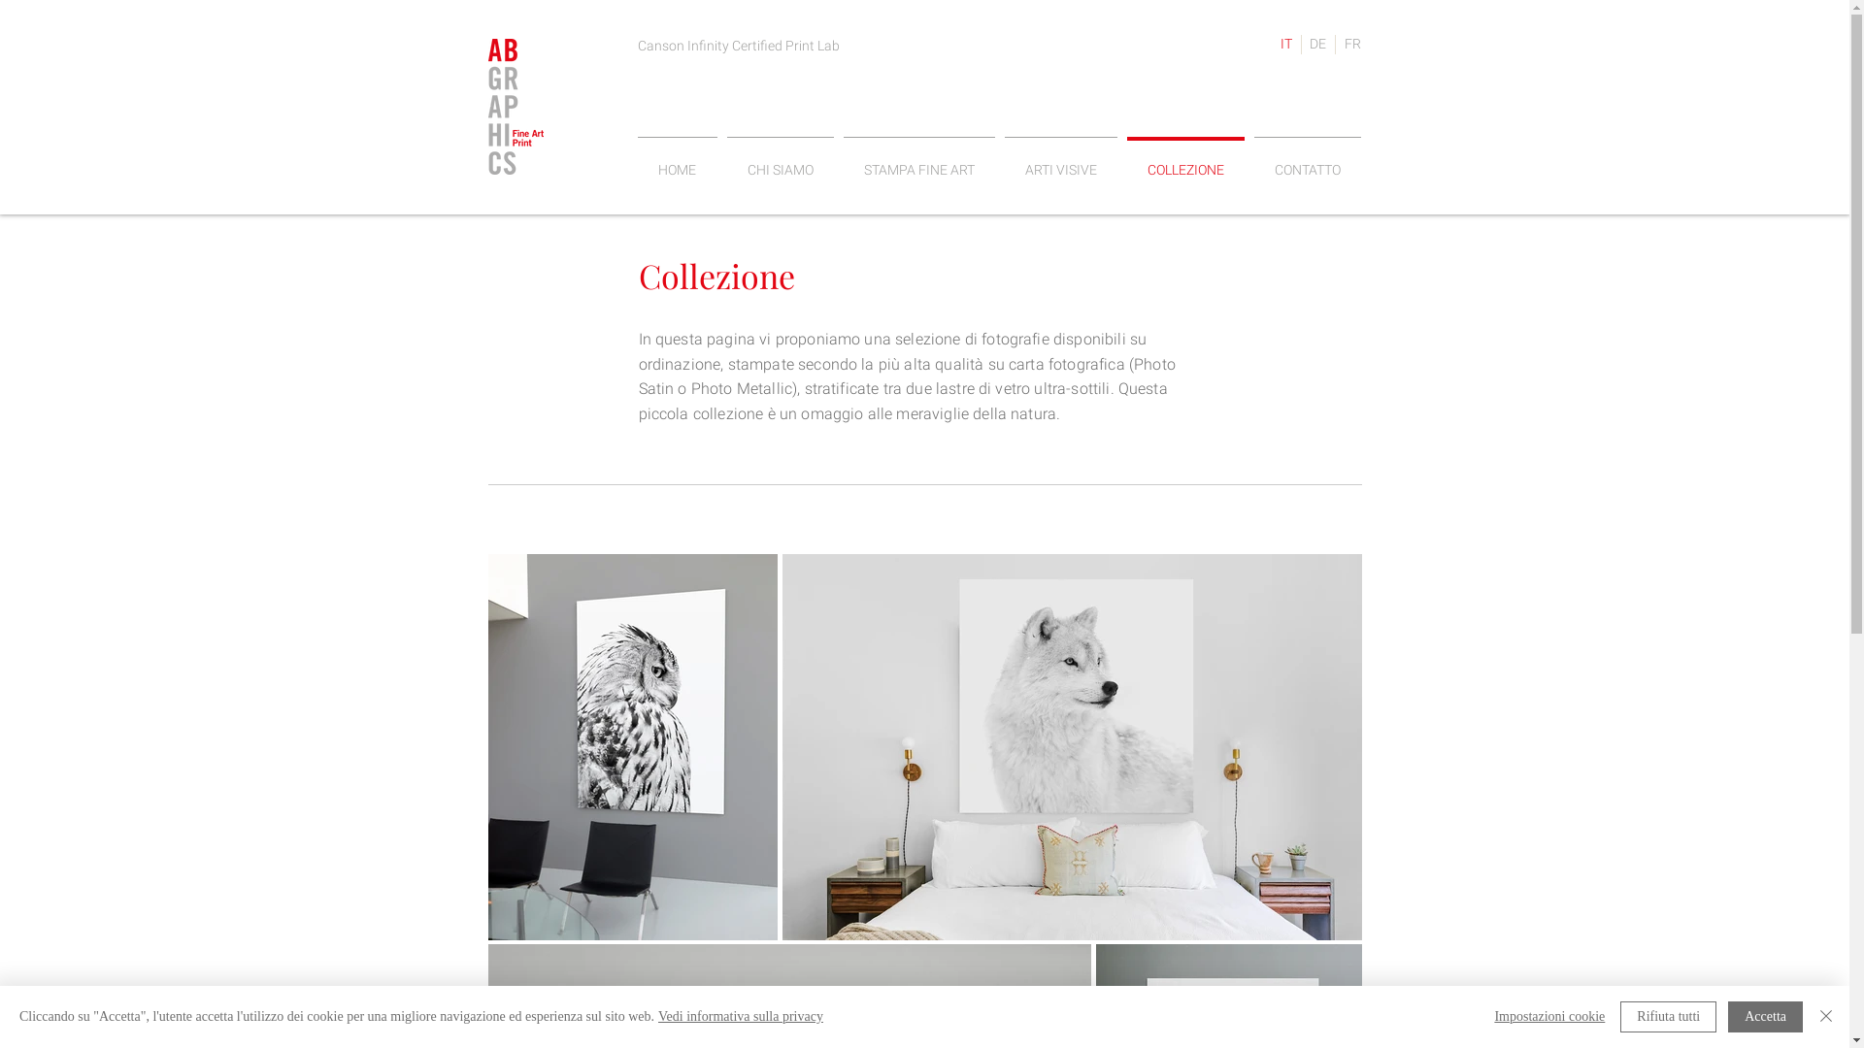  What do you see at coordinates (1184, 159) in the screenshot?
I see `'COLLEZIONE'` at bounding box center [1184, 159].